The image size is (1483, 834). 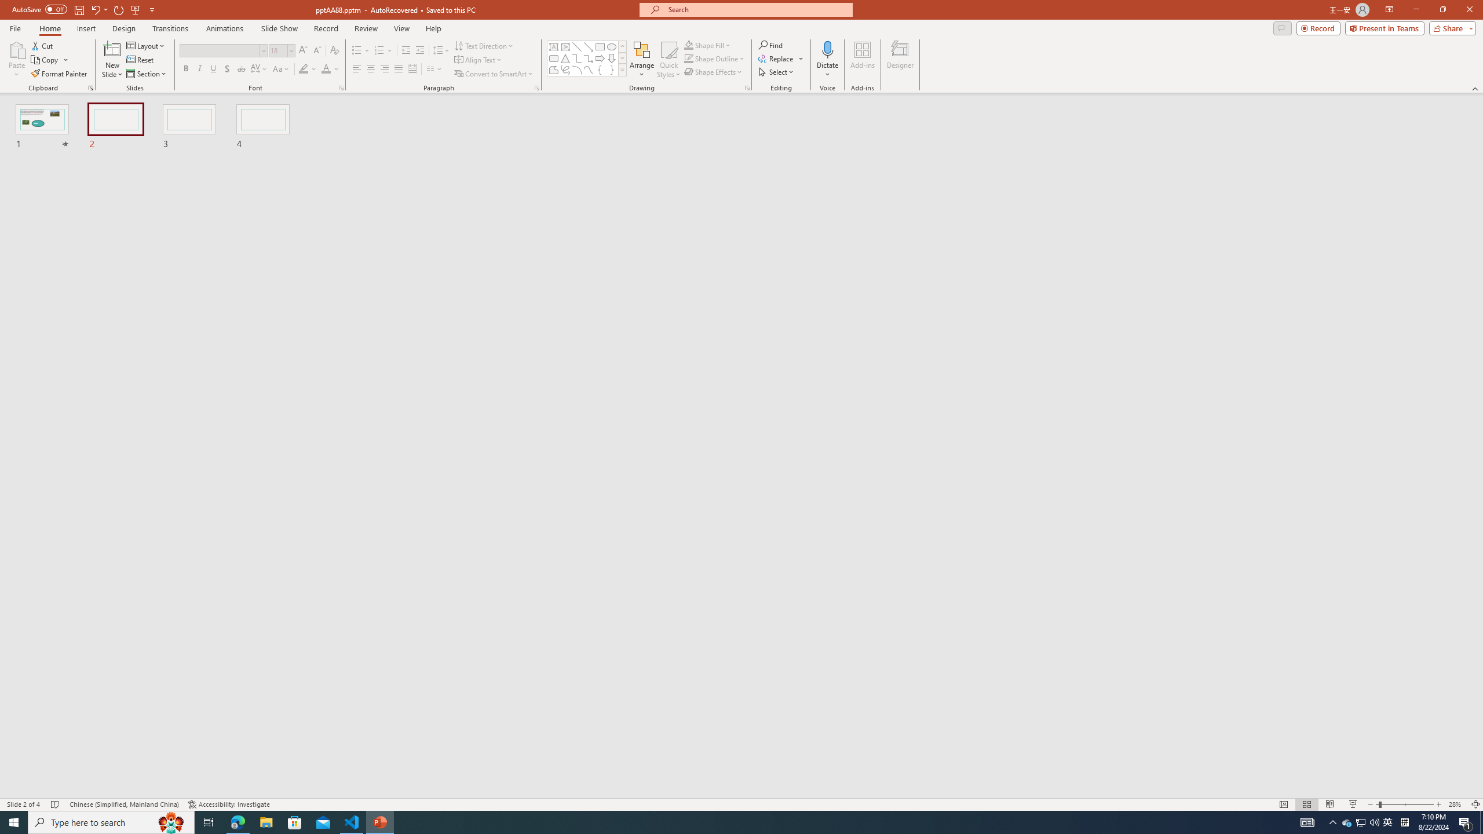 What do you see at coordinates (385, 68) in the screenshot?
I see `'Align Right'` at bounding box center [385, 68].